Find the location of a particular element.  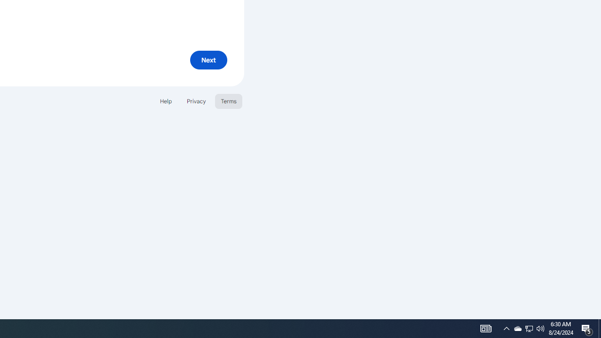

'Terms' is located at coordinates (229, 101).